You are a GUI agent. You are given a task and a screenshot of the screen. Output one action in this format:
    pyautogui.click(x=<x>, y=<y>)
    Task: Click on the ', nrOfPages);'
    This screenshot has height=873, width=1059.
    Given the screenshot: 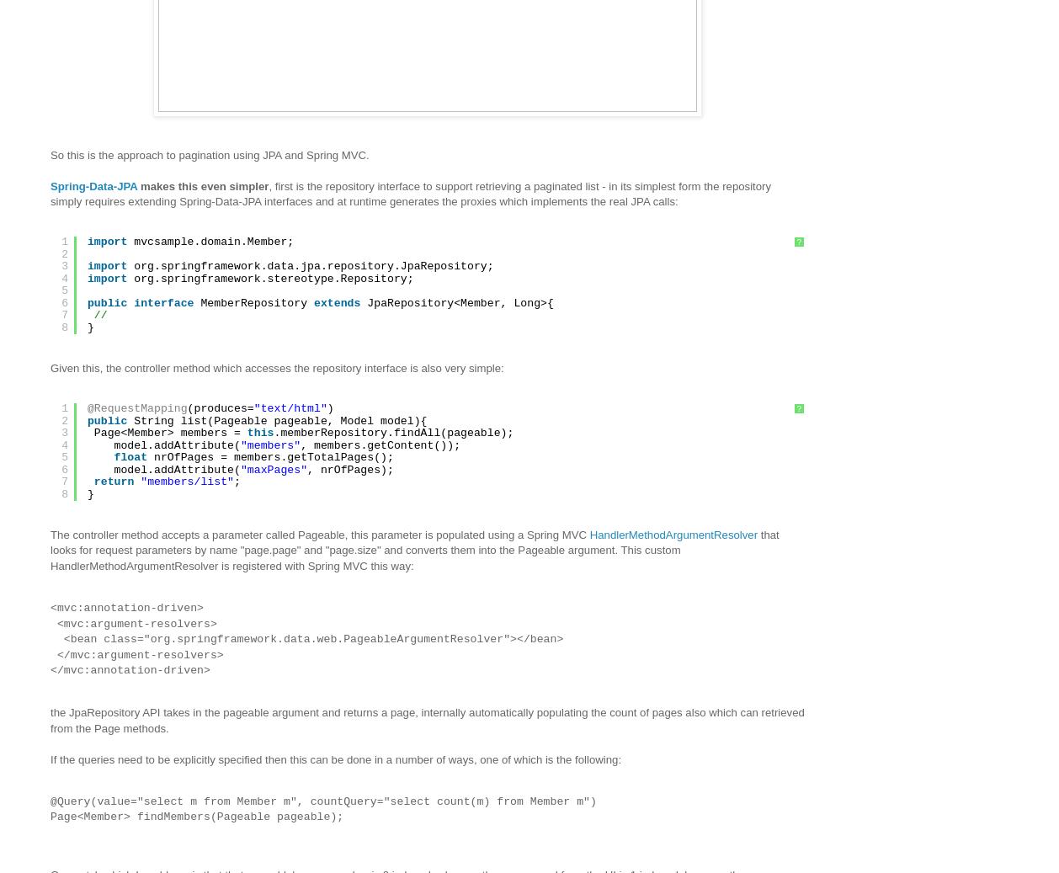 What is the action you would take?
    pyautogui.click(x=349, y=469)
    